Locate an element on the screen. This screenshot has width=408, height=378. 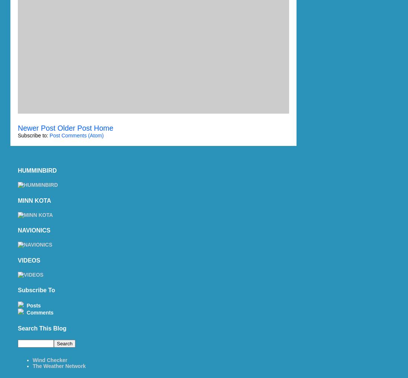
'Home' is located at coordinates (103, 127).